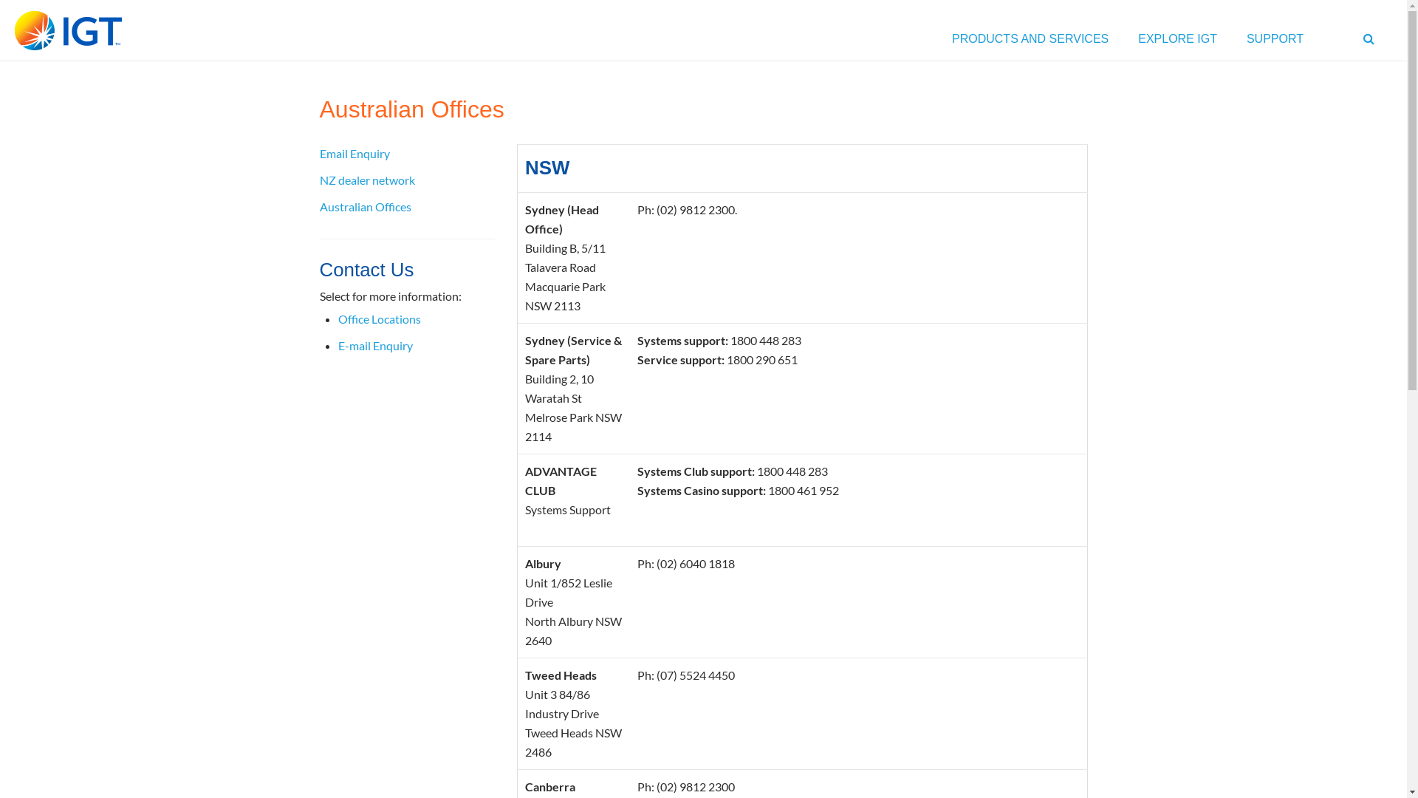  Describe the element at coordinates (1176, 41) in the screenshot. I see `'EXPLORE IGT'` at that location.